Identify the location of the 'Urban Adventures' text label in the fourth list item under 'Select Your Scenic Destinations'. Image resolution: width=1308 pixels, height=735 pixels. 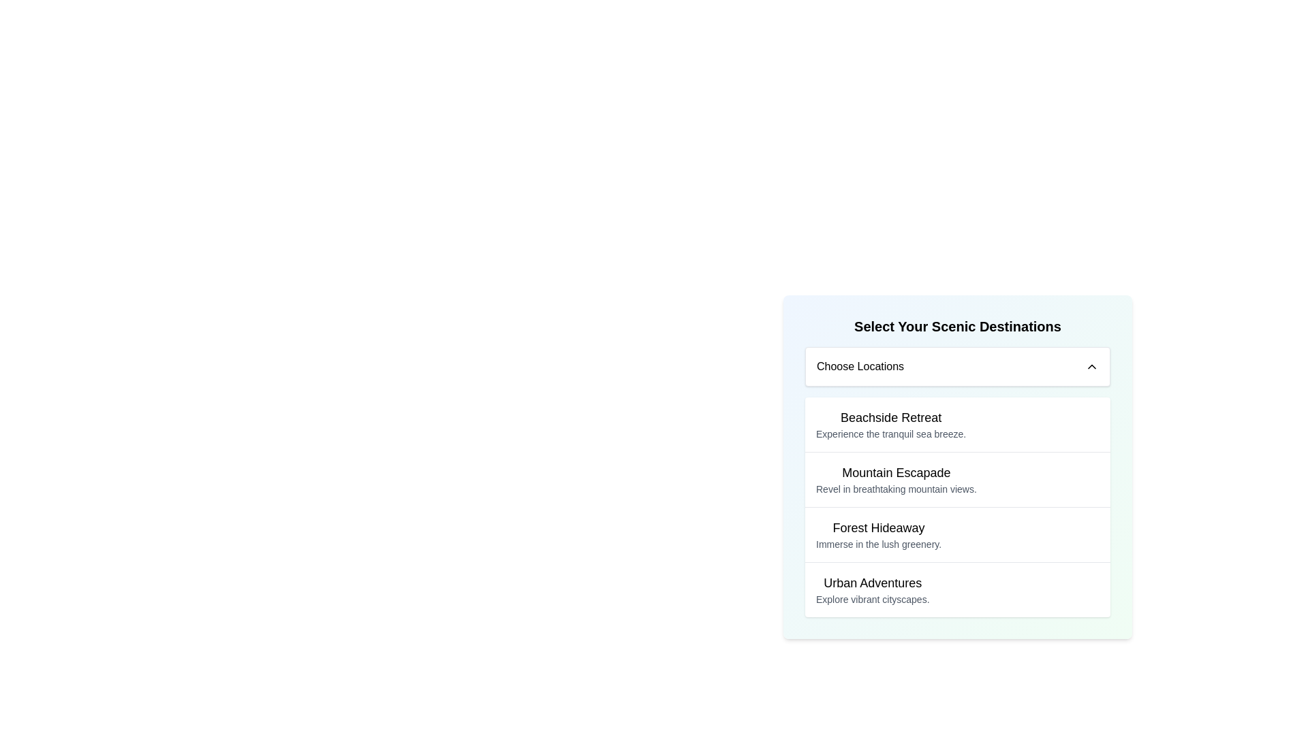
(873, 582).